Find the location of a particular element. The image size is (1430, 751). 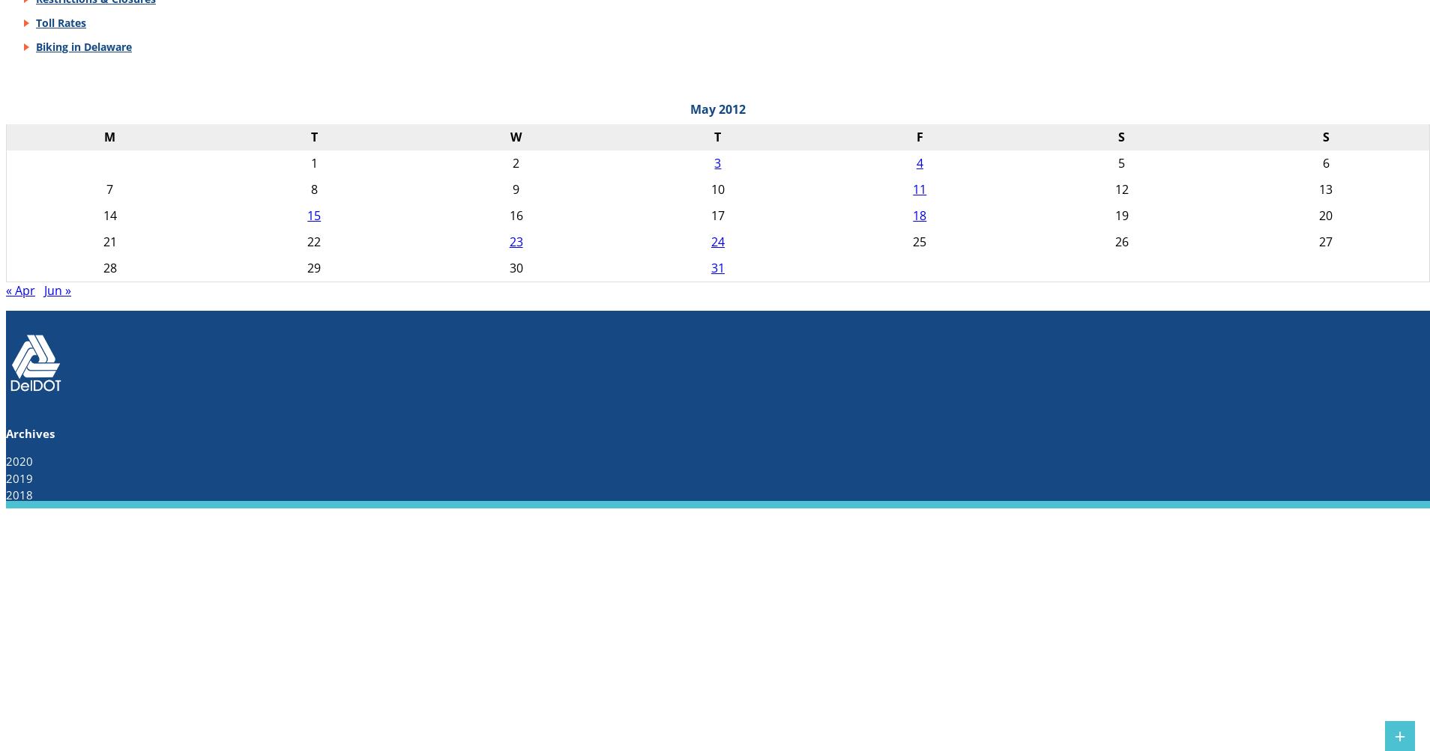

'18' is located at coordinates (920, 214).